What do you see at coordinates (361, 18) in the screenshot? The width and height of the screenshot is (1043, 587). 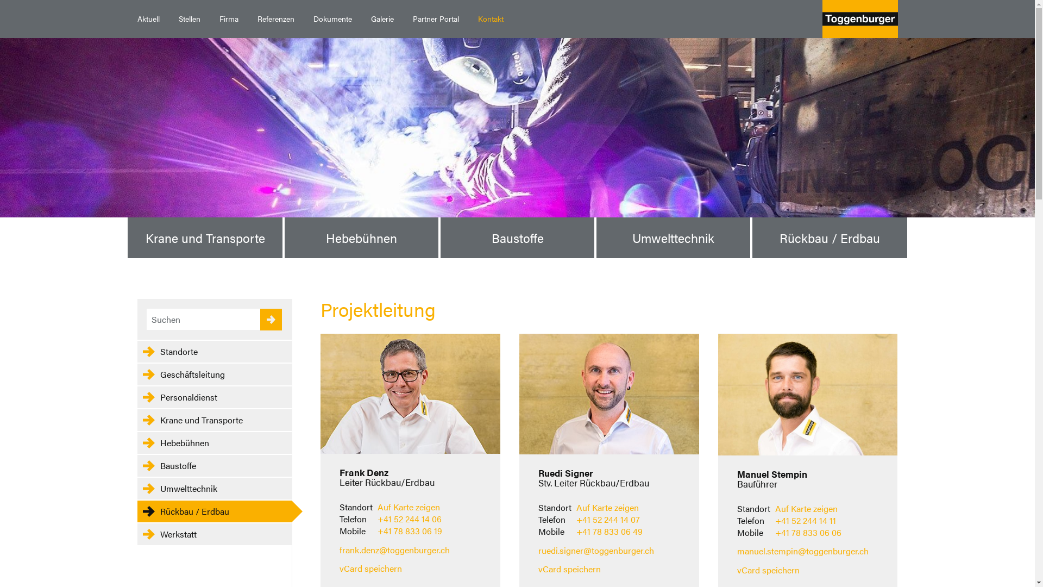 I see `'Galerie'` at bounding box center [361, 18].